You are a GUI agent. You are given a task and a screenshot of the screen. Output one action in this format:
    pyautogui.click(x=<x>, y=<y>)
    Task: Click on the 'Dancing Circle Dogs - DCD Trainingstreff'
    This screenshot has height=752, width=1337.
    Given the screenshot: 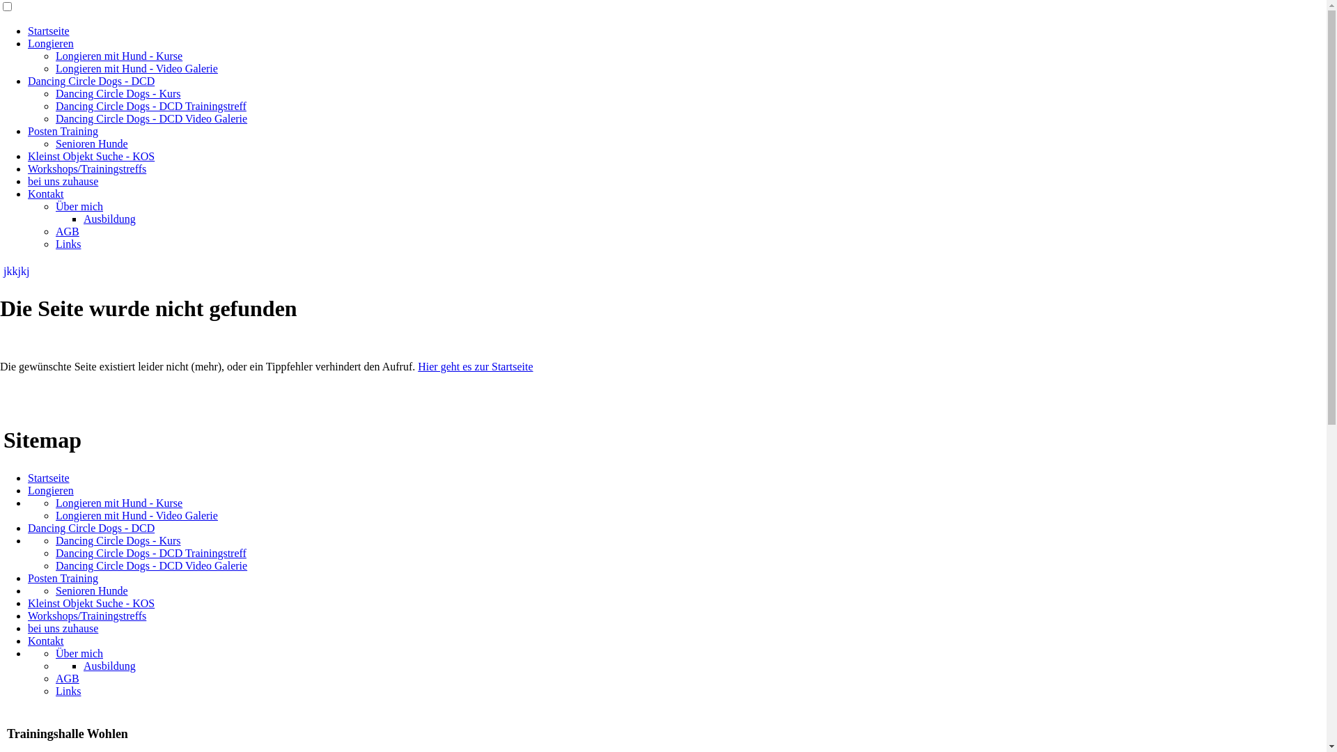 What is the action you would take?
    pyautogui.click(x=150, y=552)
    